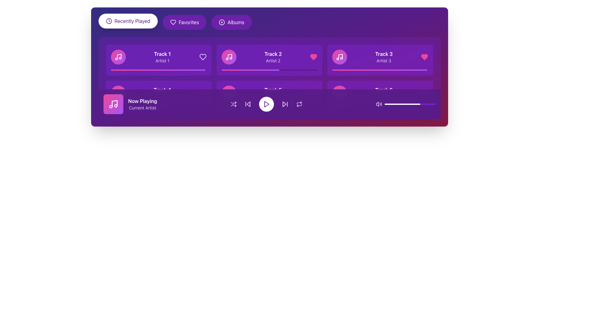 This screenshot has height=335, width=595. What do you see at coordinates (113, 104) in the screenshot?
I see `the square icon with rounded corners, featuring a gradient background from pink to purple and a white music note symbol in the center, which is located to the left of the 'Now Playing' text and above the 'Current Artist' text` at bounding box center [113, 104].